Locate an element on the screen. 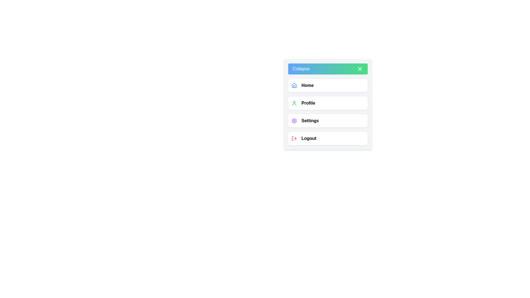  the 'Profile' menu item in the sidebar is located at coordinates (328, 103).